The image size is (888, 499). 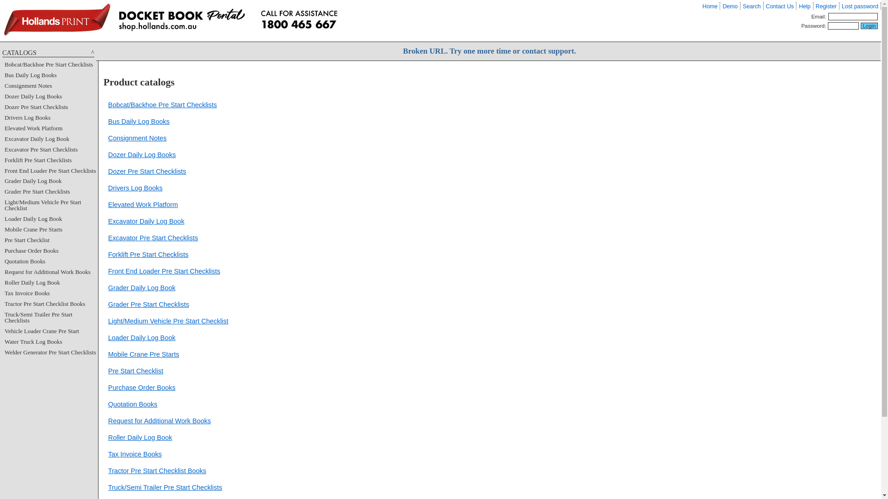 What do you see at coordinates (826, 6) in the screenshot?
I see `'Register'` at bounding box center [826, 6].